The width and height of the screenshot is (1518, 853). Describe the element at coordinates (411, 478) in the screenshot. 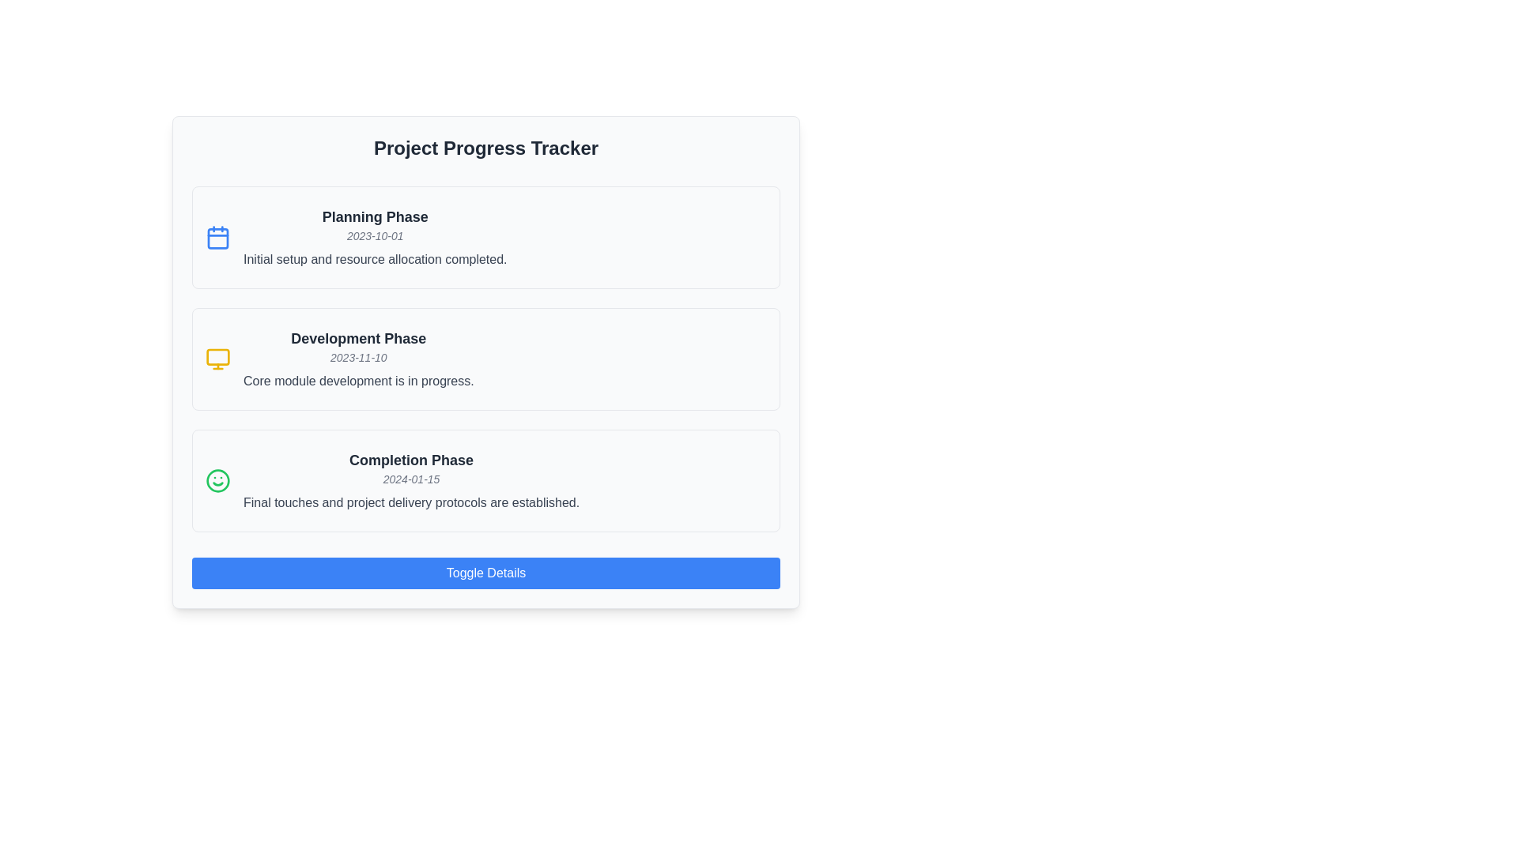

I see `the text element displaying '2024-01-15', which is styled in a small italicized gray font, located below 'Completion Phase' and above the text describing project delivery protocols` at that location.